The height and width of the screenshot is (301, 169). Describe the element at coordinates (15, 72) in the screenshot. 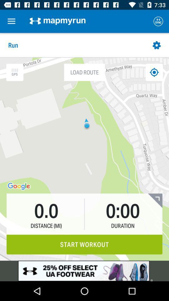

I see `the icon which is left to the load route` at that location.